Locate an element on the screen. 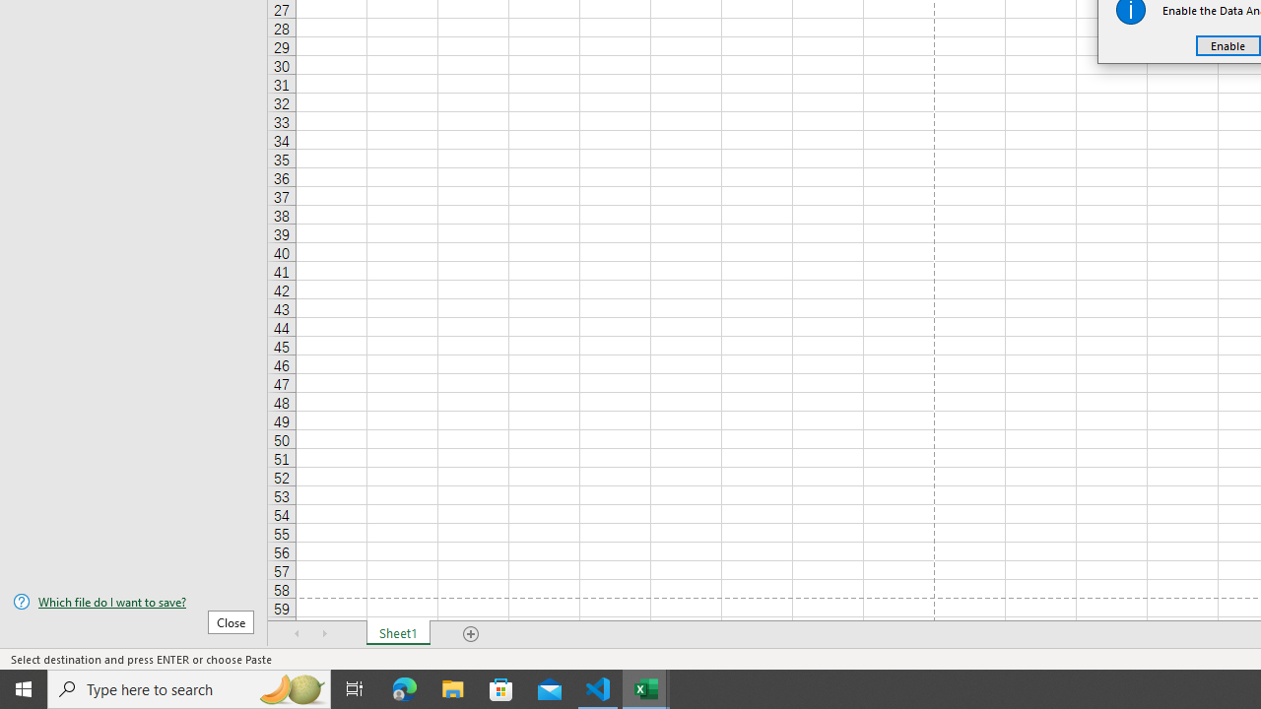 The image size is (1261, 709). 'Microsoft Edge' is located at coordinates (404, 687).